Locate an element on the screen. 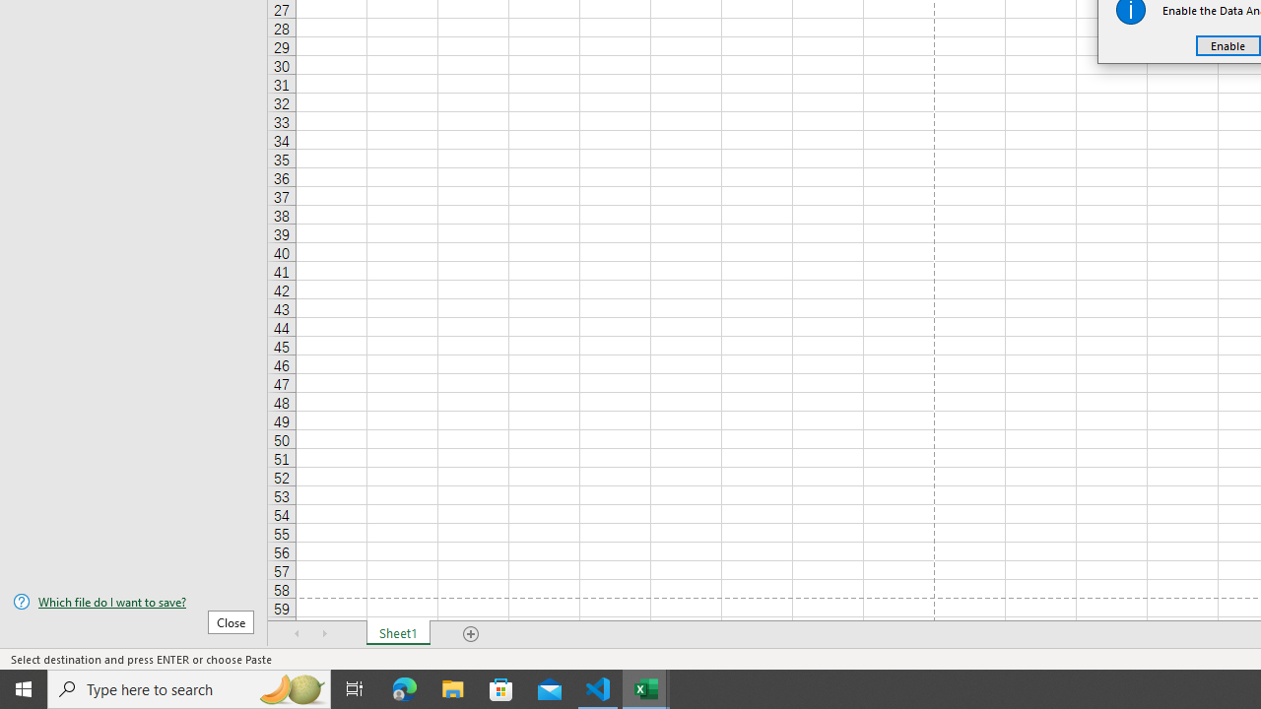 The image size is (1261, 709). 'Microsoft Edge' is located at coordinates (404, 687).